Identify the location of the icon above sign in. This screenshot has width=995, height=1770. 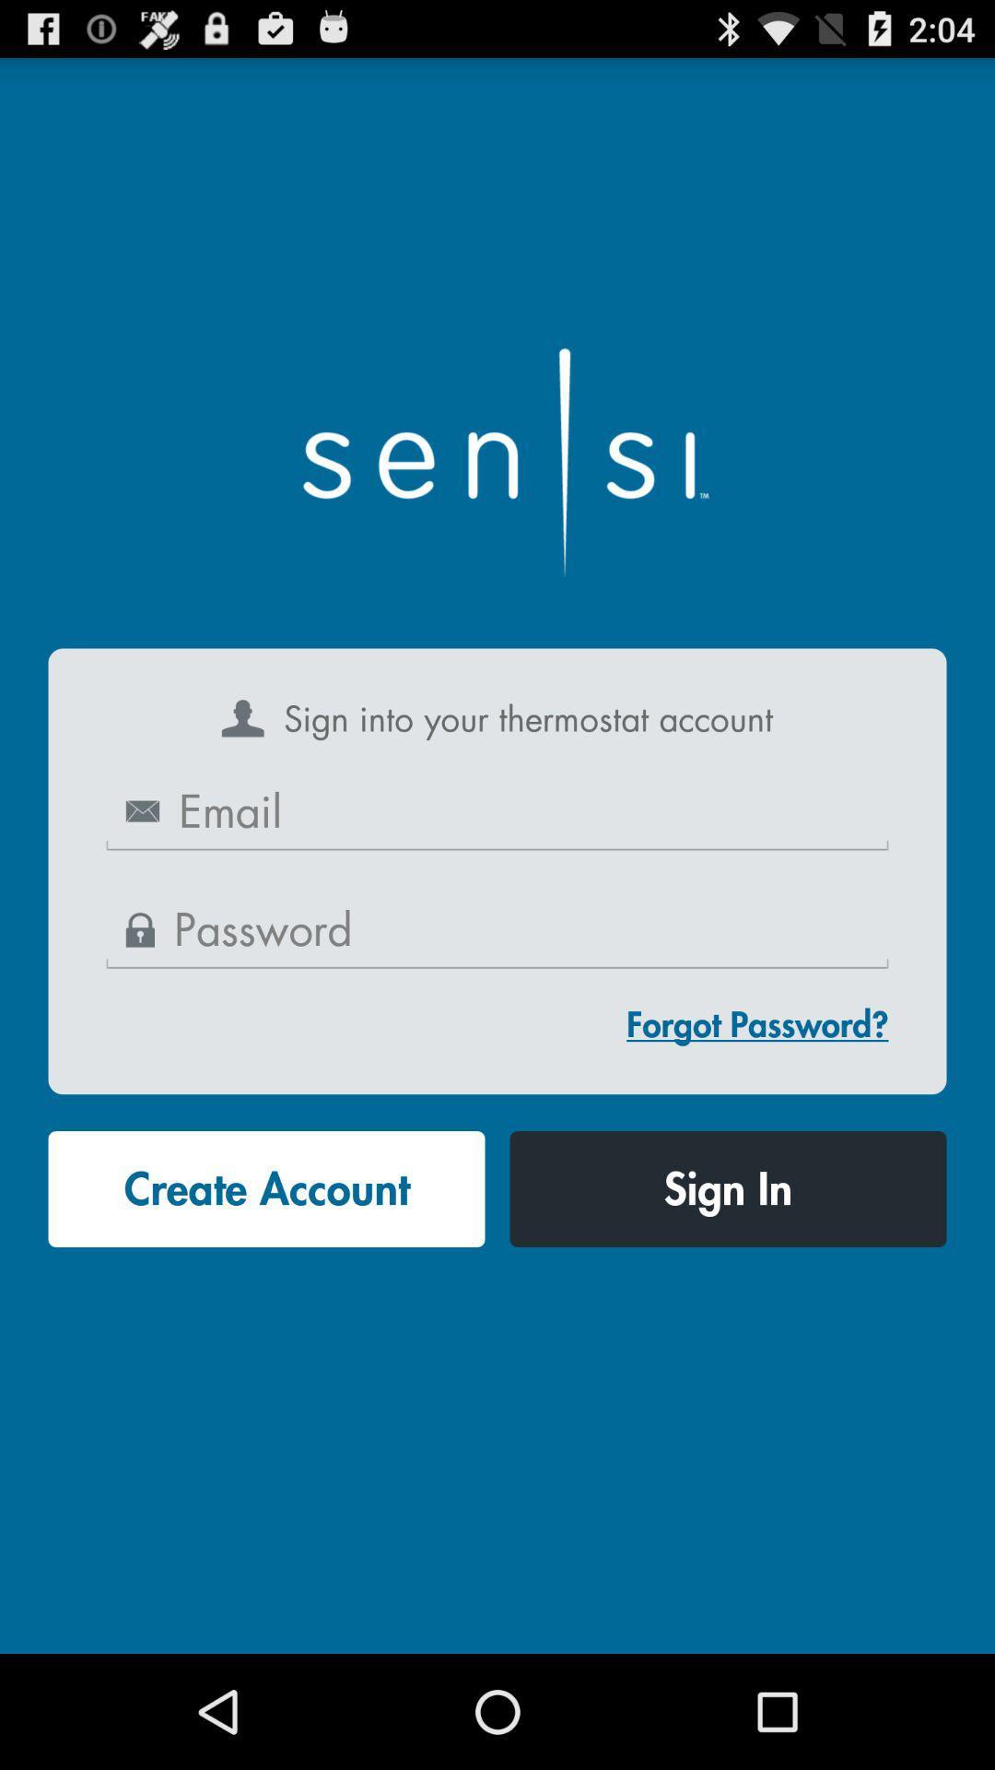
(757, 1023).